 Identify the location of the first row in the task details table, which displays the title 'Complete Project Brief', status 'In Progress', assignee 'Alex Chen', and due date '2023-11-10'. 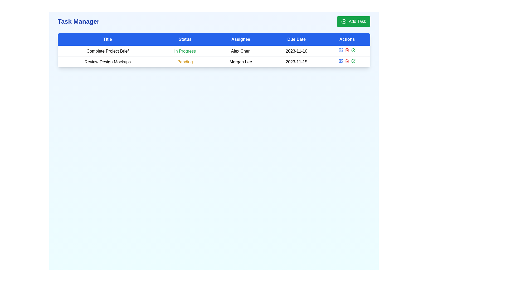
(214, 51).